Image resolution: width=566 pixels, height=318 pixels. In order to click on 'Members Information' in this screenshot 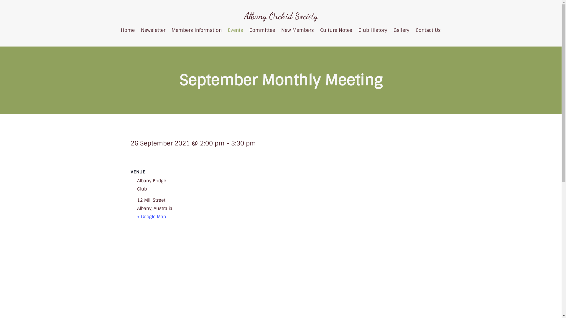, I will do `click(168, 29)`.